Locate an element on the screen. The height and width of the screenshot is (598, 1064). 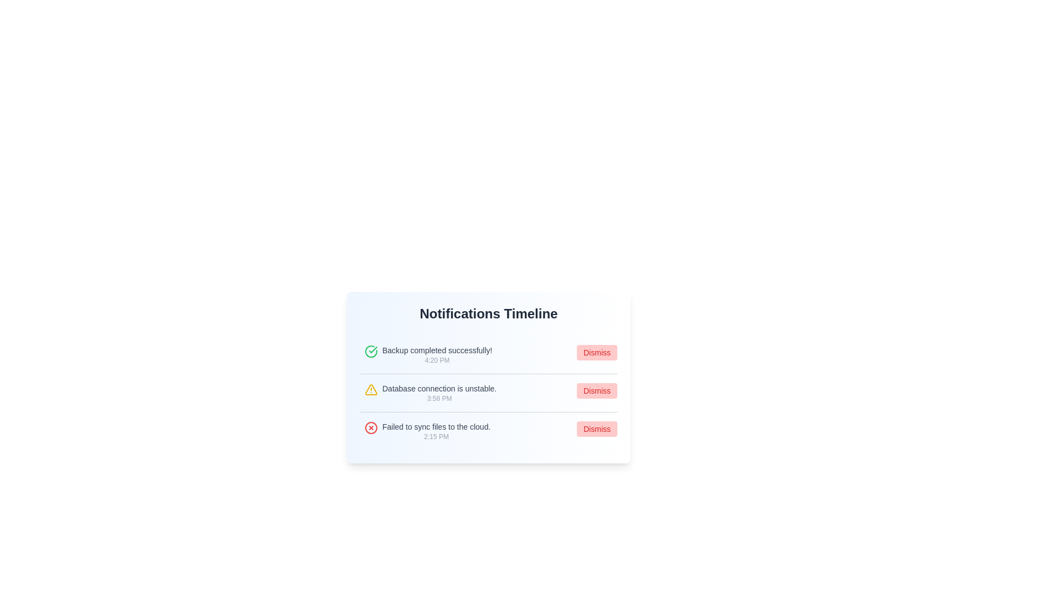
the green checkmark icon indicating a positive status, located next to the text 'Backup completed successfully!' in the notification list is located at coordinates (373, 350).